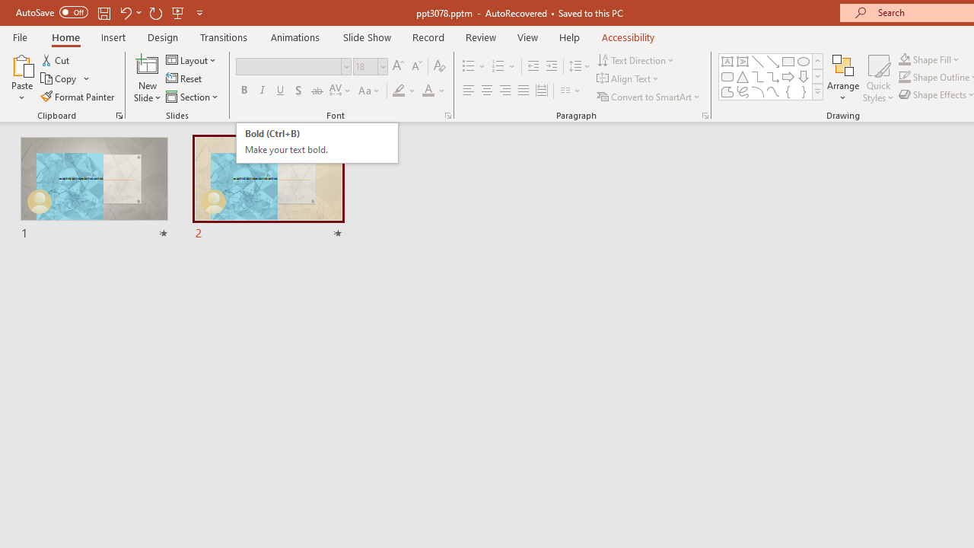 The width and height of the screenshot is (974, 548). What do you see at coordinates (316, 91) in the screenshot?
I see `'Strikethrough'` at bounding box center [316, 91].